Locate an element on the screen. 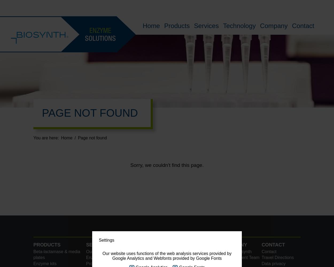  'Enzyme identification' is located at coordinates (106, 257).